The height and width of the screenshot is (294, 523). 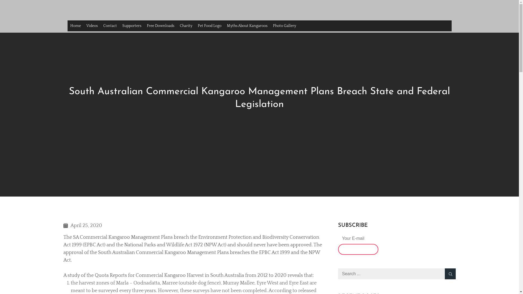 What do you see at coordinates (92, 26) in the screenshot?
I see `'Videos'` at bounding box center [92, 26].